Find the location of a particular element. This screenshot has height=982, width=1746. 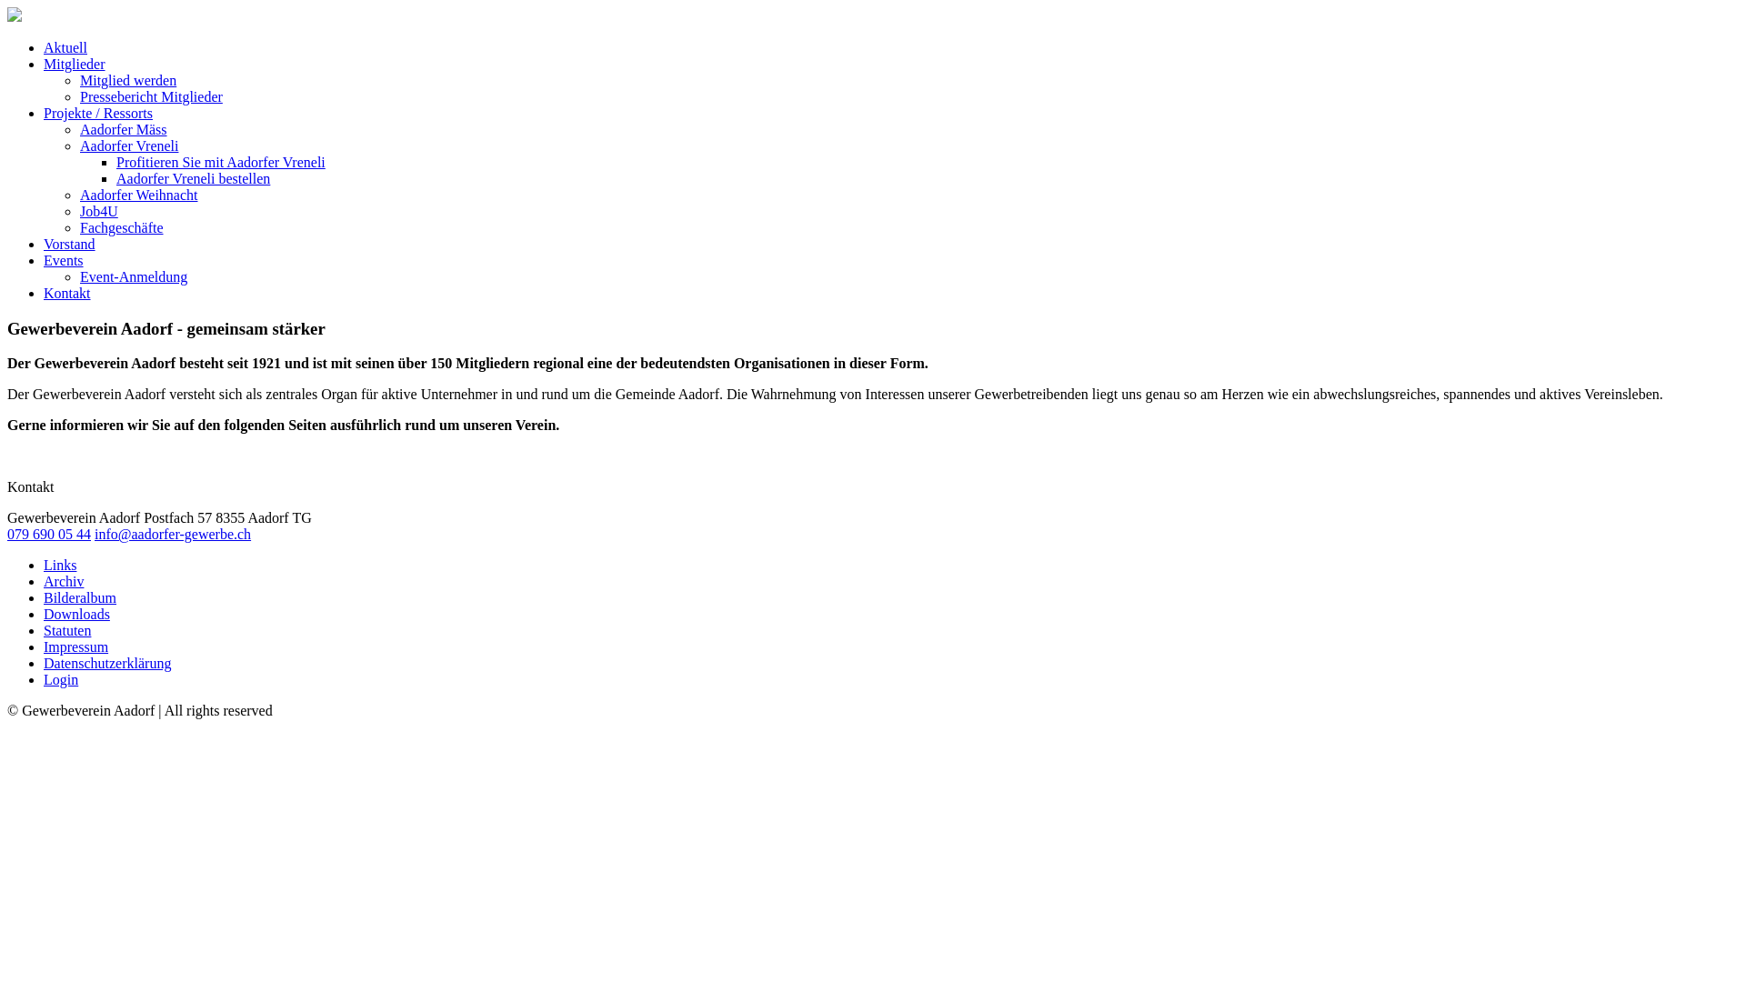

'Mitglieder' is located at coordinates (73, 63).